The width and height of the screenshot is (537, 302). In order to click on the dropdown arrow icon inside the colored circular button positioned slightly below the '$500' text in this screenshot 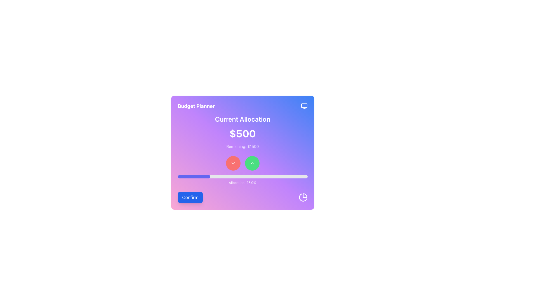, I will do `click(233, 163)`.